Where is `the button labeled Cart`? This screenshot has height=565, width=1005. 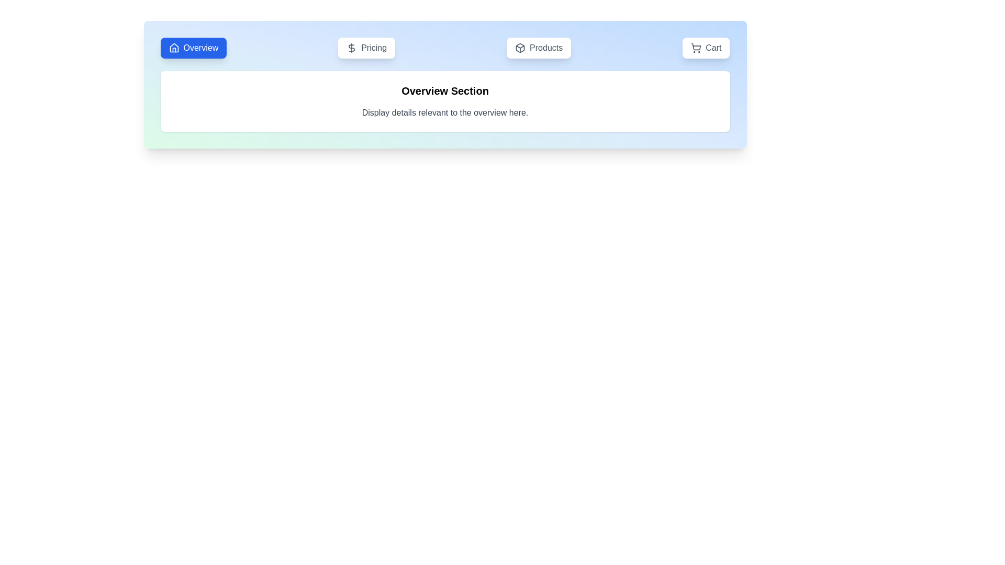 the button labeled Cart is located at coordinates (706, 48).